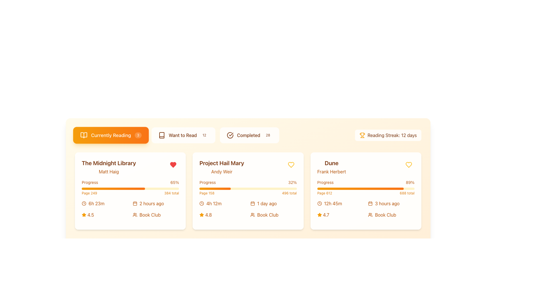 This screenshot has width=547, height=307. What do you see at coordinates (370, 215) in the screenshot?
I see `the group of people icon, which is located` at bounding box center [370, 215].